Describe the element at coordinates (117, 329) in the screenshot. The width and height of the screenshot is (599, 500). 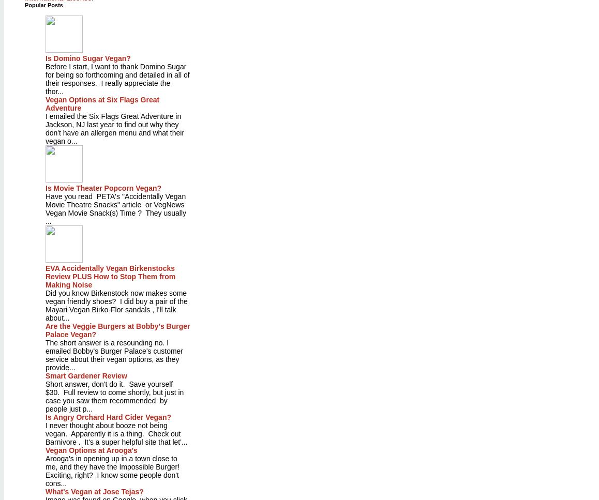
I see `'Are the Veggie Burgers at Bobby's Burger Palace Vegan?'` at that location.